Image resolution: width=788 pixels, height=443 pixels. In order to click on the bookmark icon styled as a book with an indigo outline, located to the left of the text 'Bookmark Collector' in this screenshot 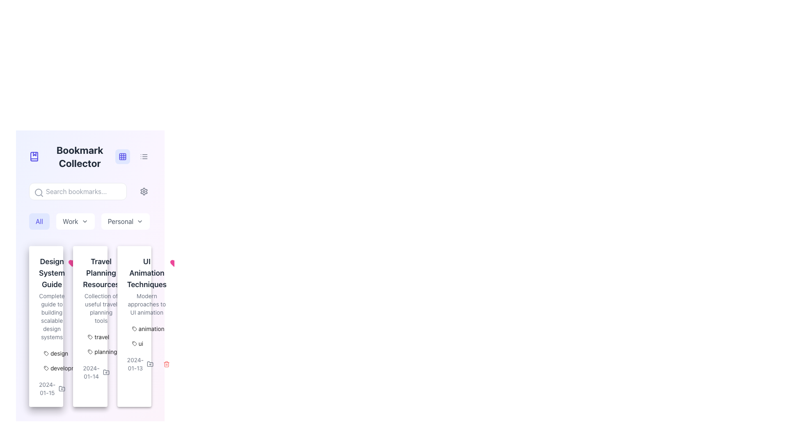, I will do `click(34, 156)`.